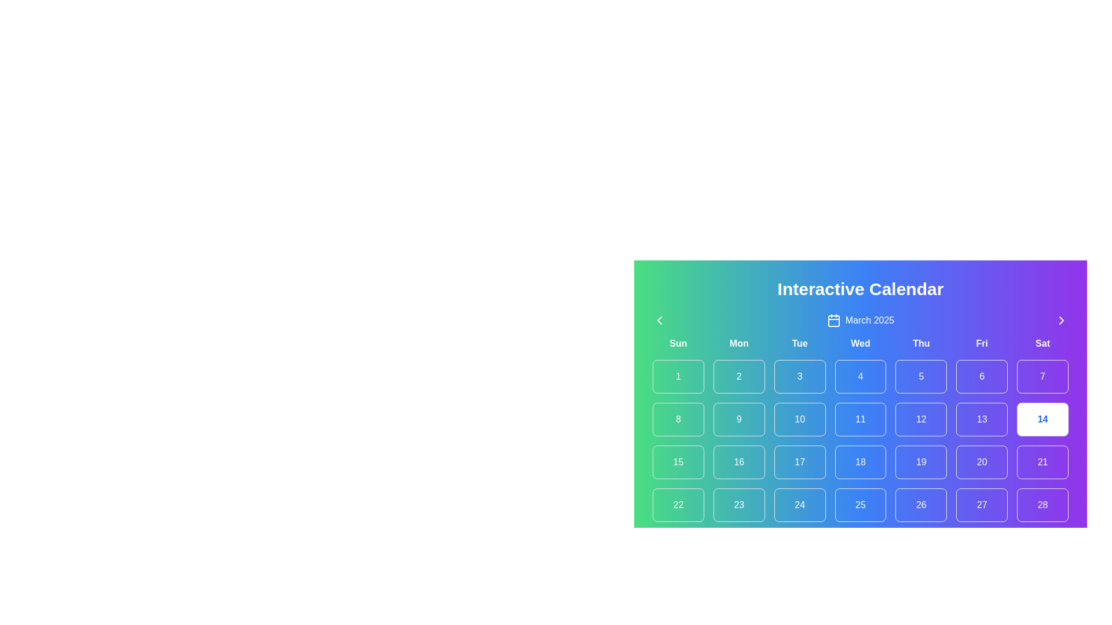  I want to click on the text label displaying 'Wed', which is styled in bold white font on a blue background, located in the calendar UI as the fourth day label in the row of seven, so click(861, 343).